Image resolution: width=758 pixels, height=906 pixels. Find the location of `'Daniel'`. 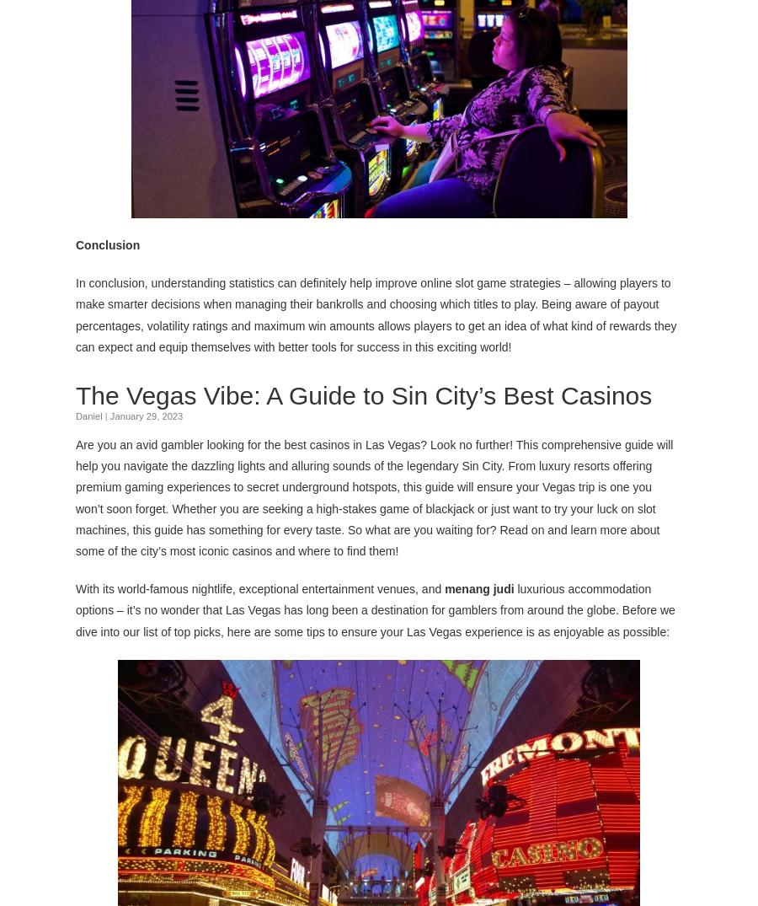

'Daniel' is located at coordinates (88, 414).